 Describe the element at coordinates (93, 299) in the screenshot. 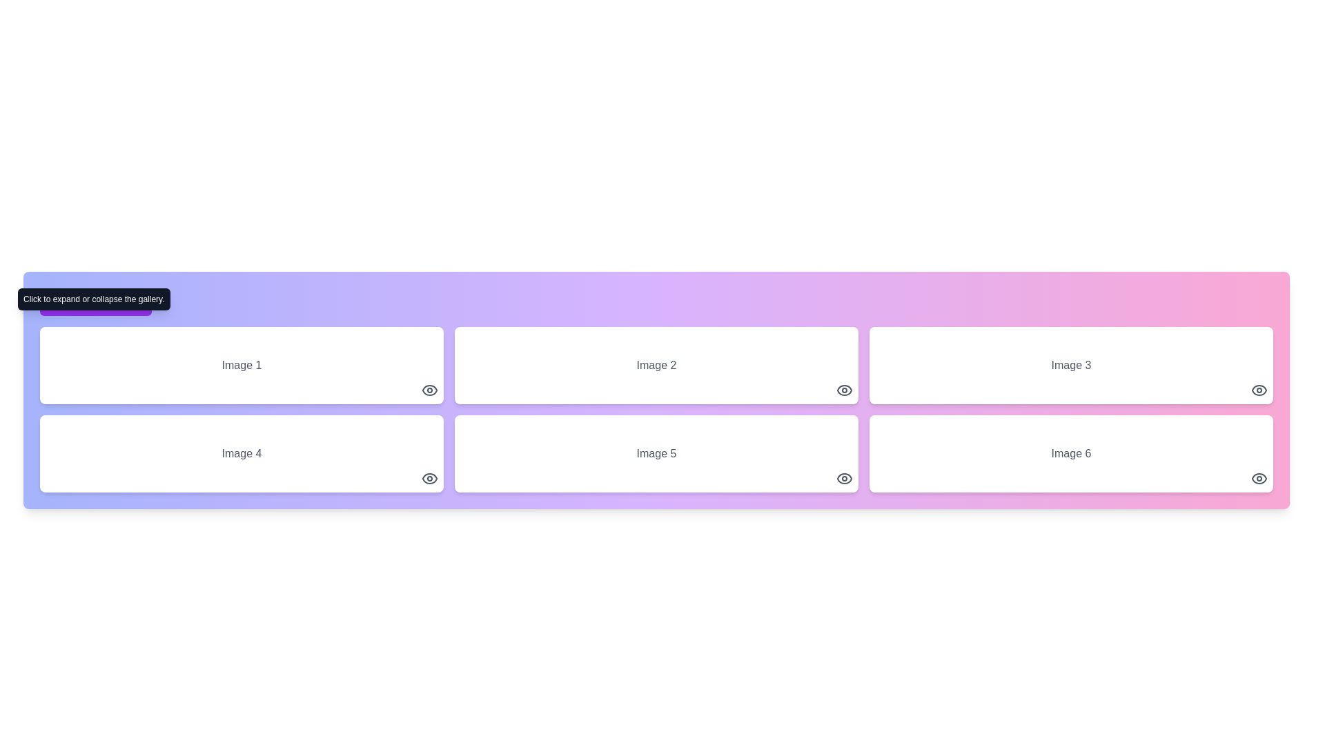

I see `text from the Tooltip or informational label that says 'Click to expand or collapse the gallery.'` at that location.